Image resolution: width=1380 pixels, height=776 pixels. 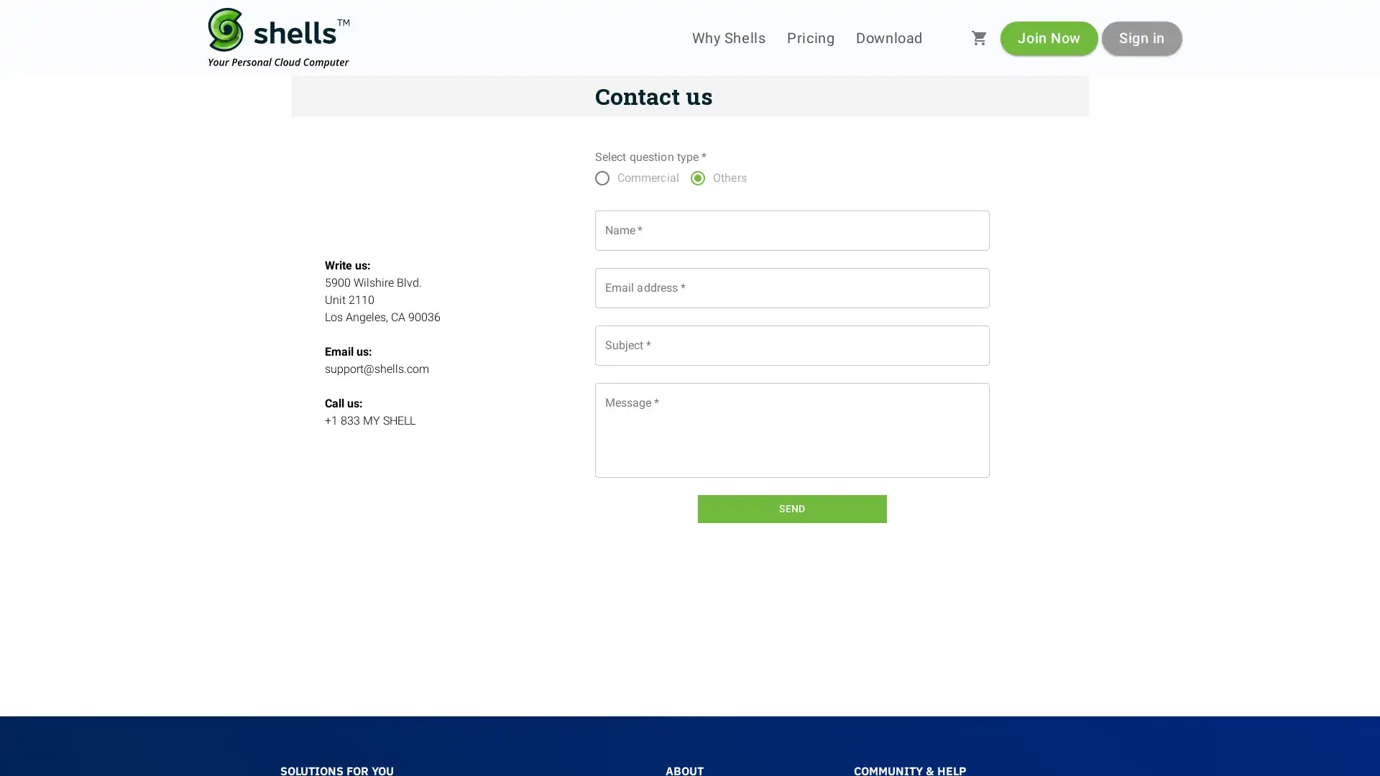 I want to click on Sign in, so click(x=1141, y=37).